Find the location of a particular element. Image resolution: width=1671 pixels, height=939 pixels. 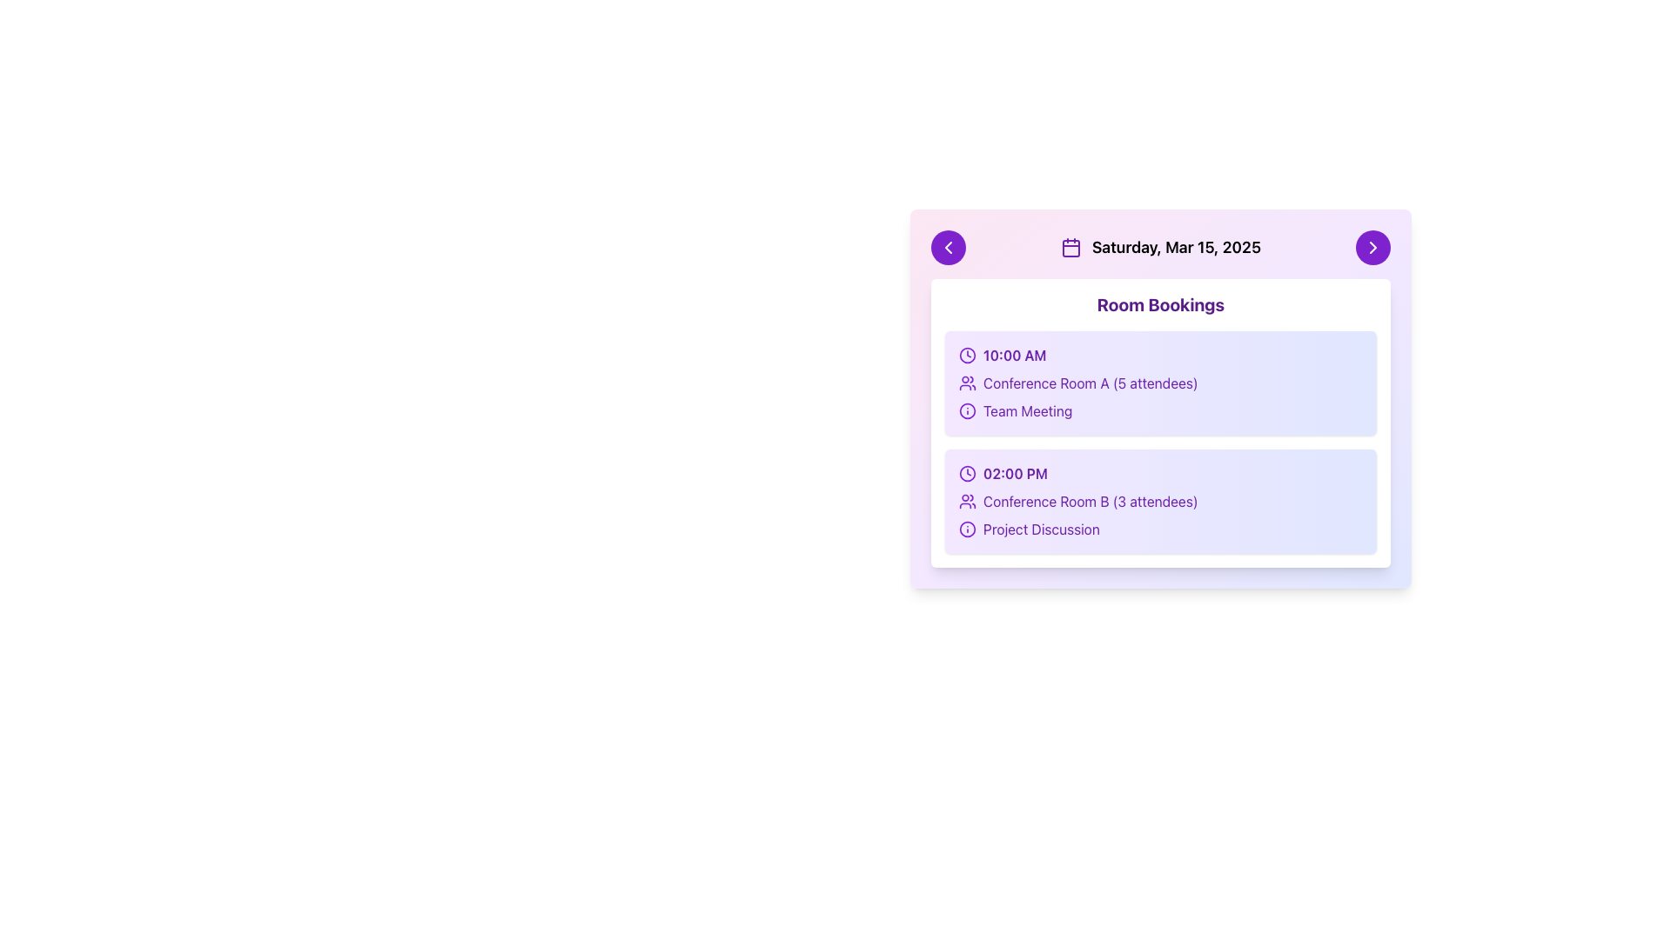

the circular button with a purple background and a white chevron icon is located at coordinates (1372, 248).